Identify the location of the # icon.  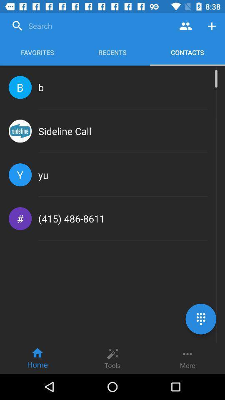
(20, 218).